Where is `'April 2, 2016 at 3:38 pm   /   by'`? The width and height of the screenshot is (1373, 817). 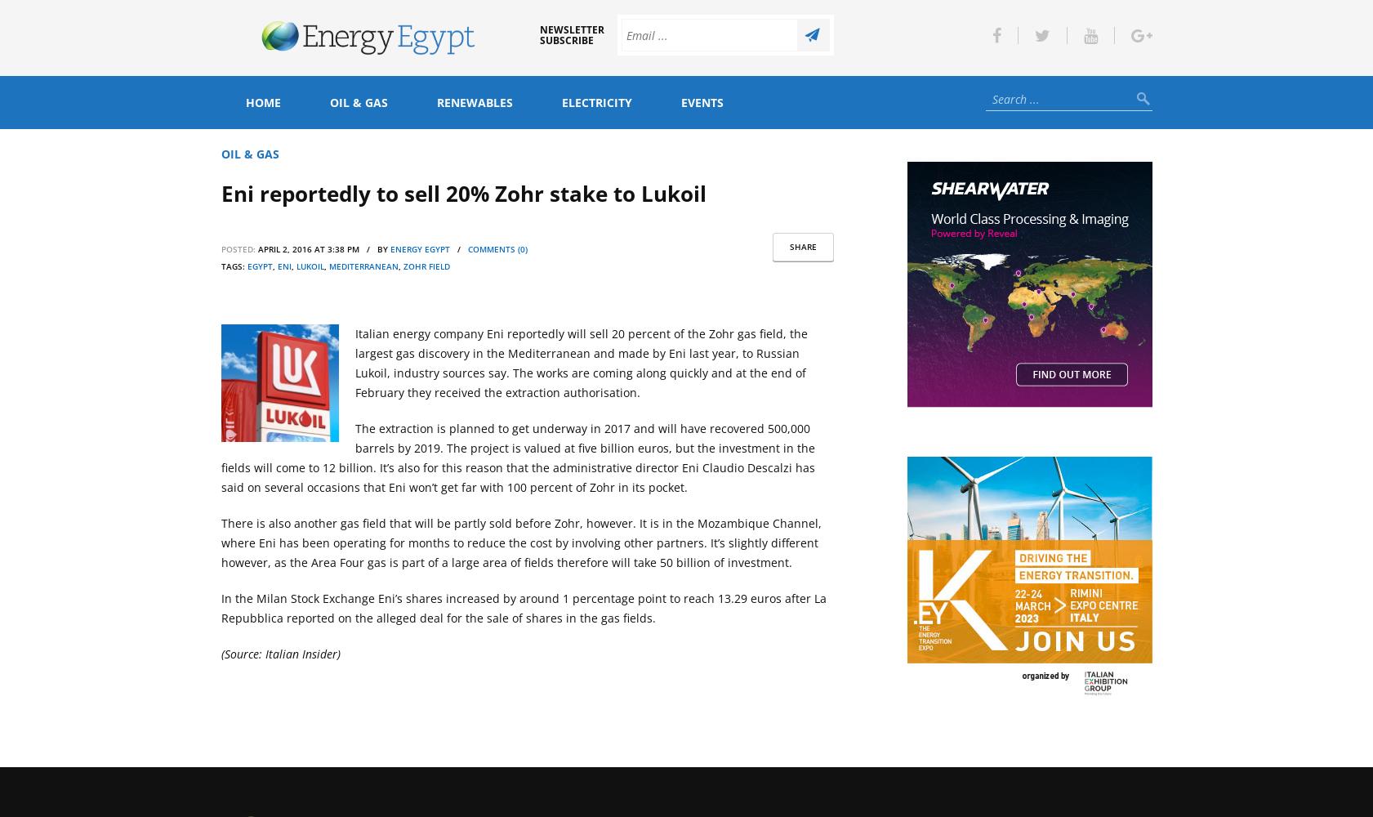 'April 2, 2016 at 3:38 pm   /   by' is located at coordinates (321, 249).